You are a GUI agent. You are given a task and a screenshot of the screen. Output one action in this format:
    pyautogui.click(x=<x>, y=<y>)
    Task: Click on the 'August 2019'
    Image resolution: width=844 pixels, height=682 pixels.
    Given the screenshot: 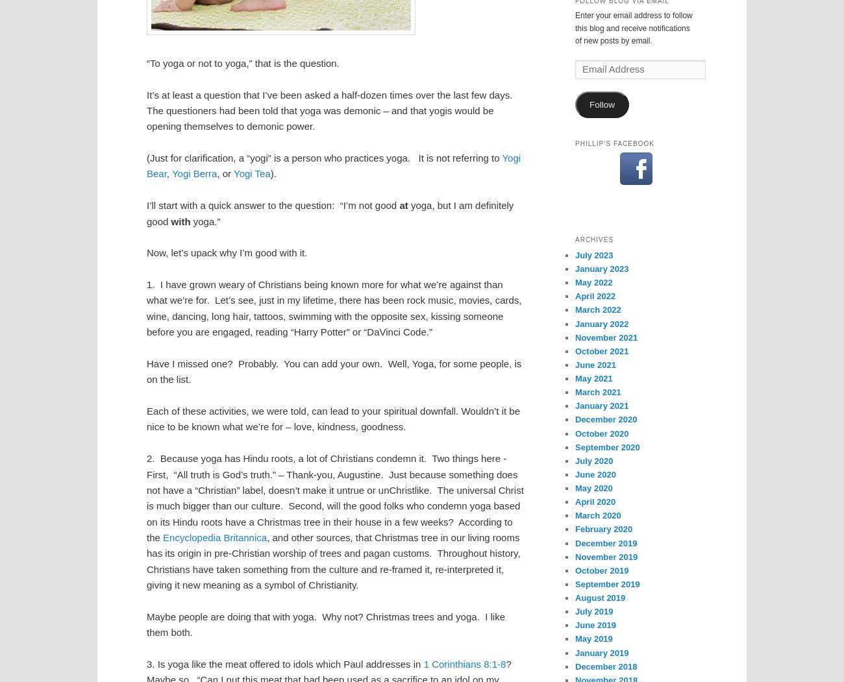 What is the action you would take?
    pyautogui.click(x=600, y=598)
    